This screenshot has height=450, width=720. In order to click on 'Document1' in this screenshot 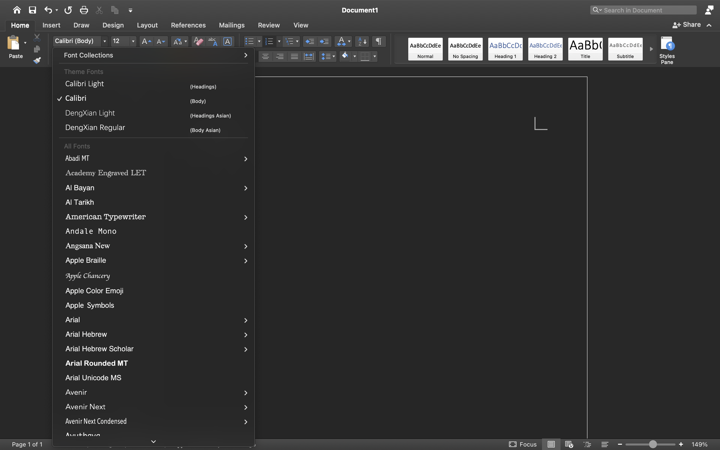, I will do `click(359, 10)`.